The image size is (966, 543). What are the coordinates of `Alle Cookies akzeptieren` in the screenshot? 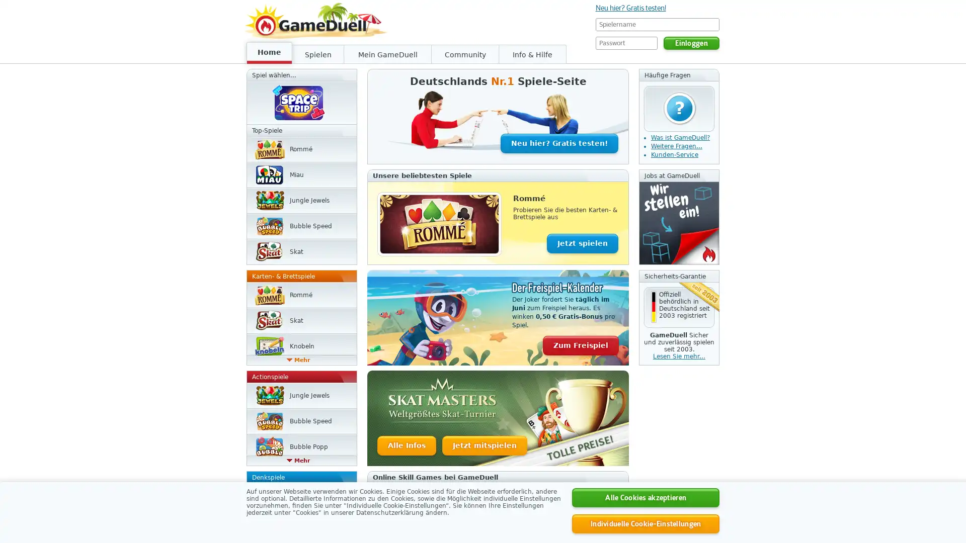 It's located at (646, 498).